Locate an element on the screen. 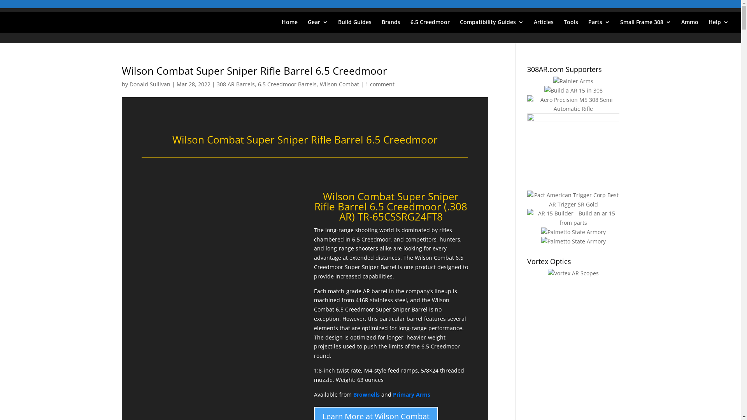 The height and width of the screenshot is (420, 747). 'Ammo' is located at coordinates (689, 25).